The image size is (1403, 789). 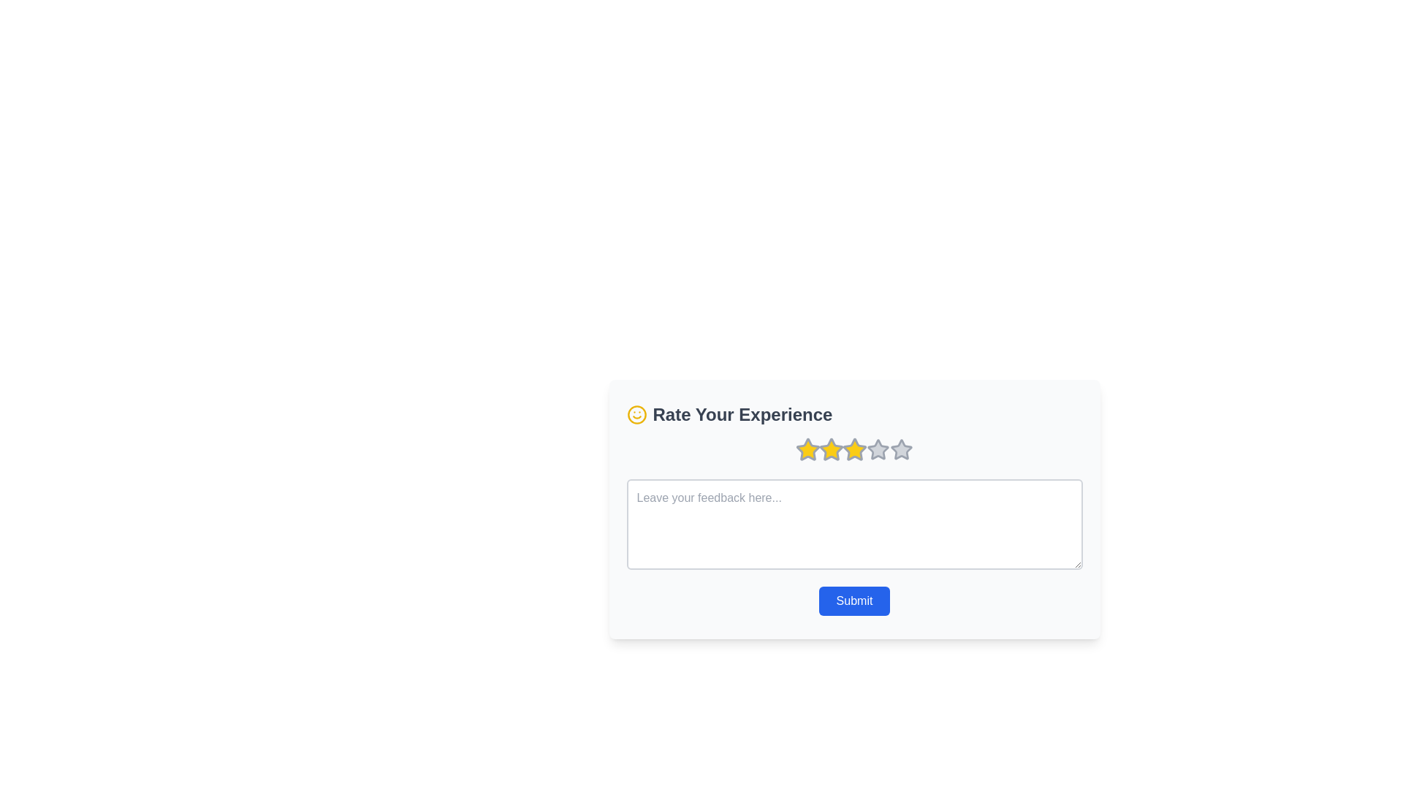 What do you see at coordinates (900, 449) in the screenshot?
I see `the fifth star icon for rating functionality` at bounding box center [900, 449].